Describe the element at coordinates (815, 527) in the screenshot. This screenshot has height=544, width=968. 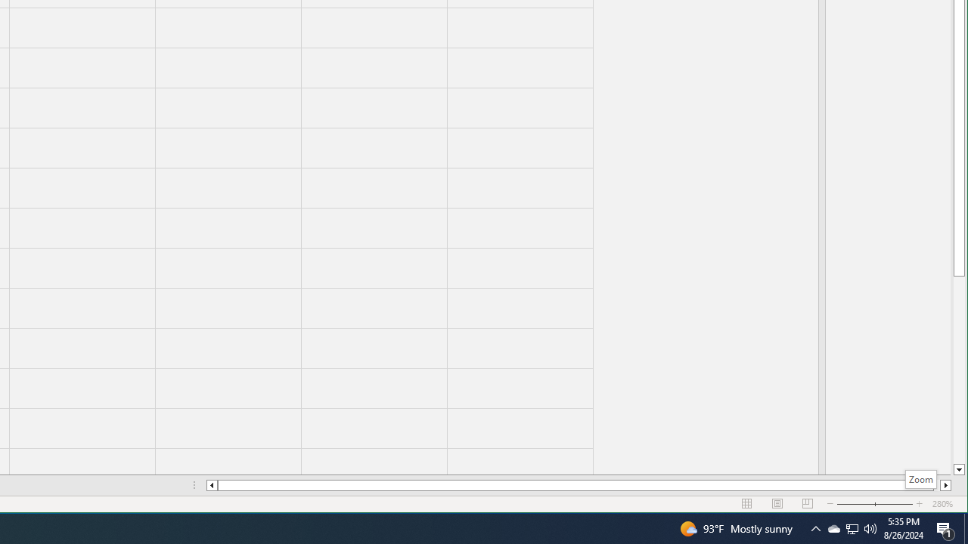
I see `'Notification Chevron'` at that location.